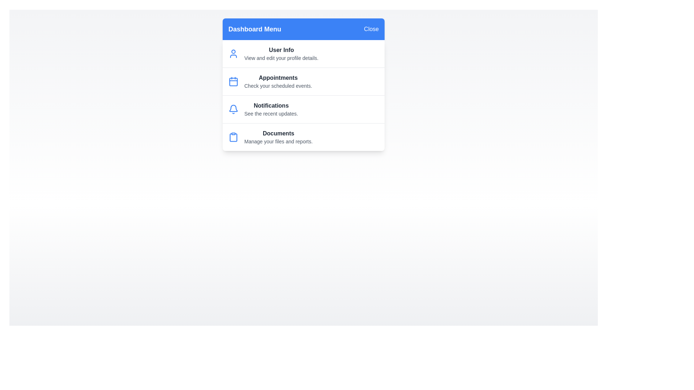  Describe the element at coordinates (234, 137) in the screenshot. I see `the icon representing Documents` at that location.